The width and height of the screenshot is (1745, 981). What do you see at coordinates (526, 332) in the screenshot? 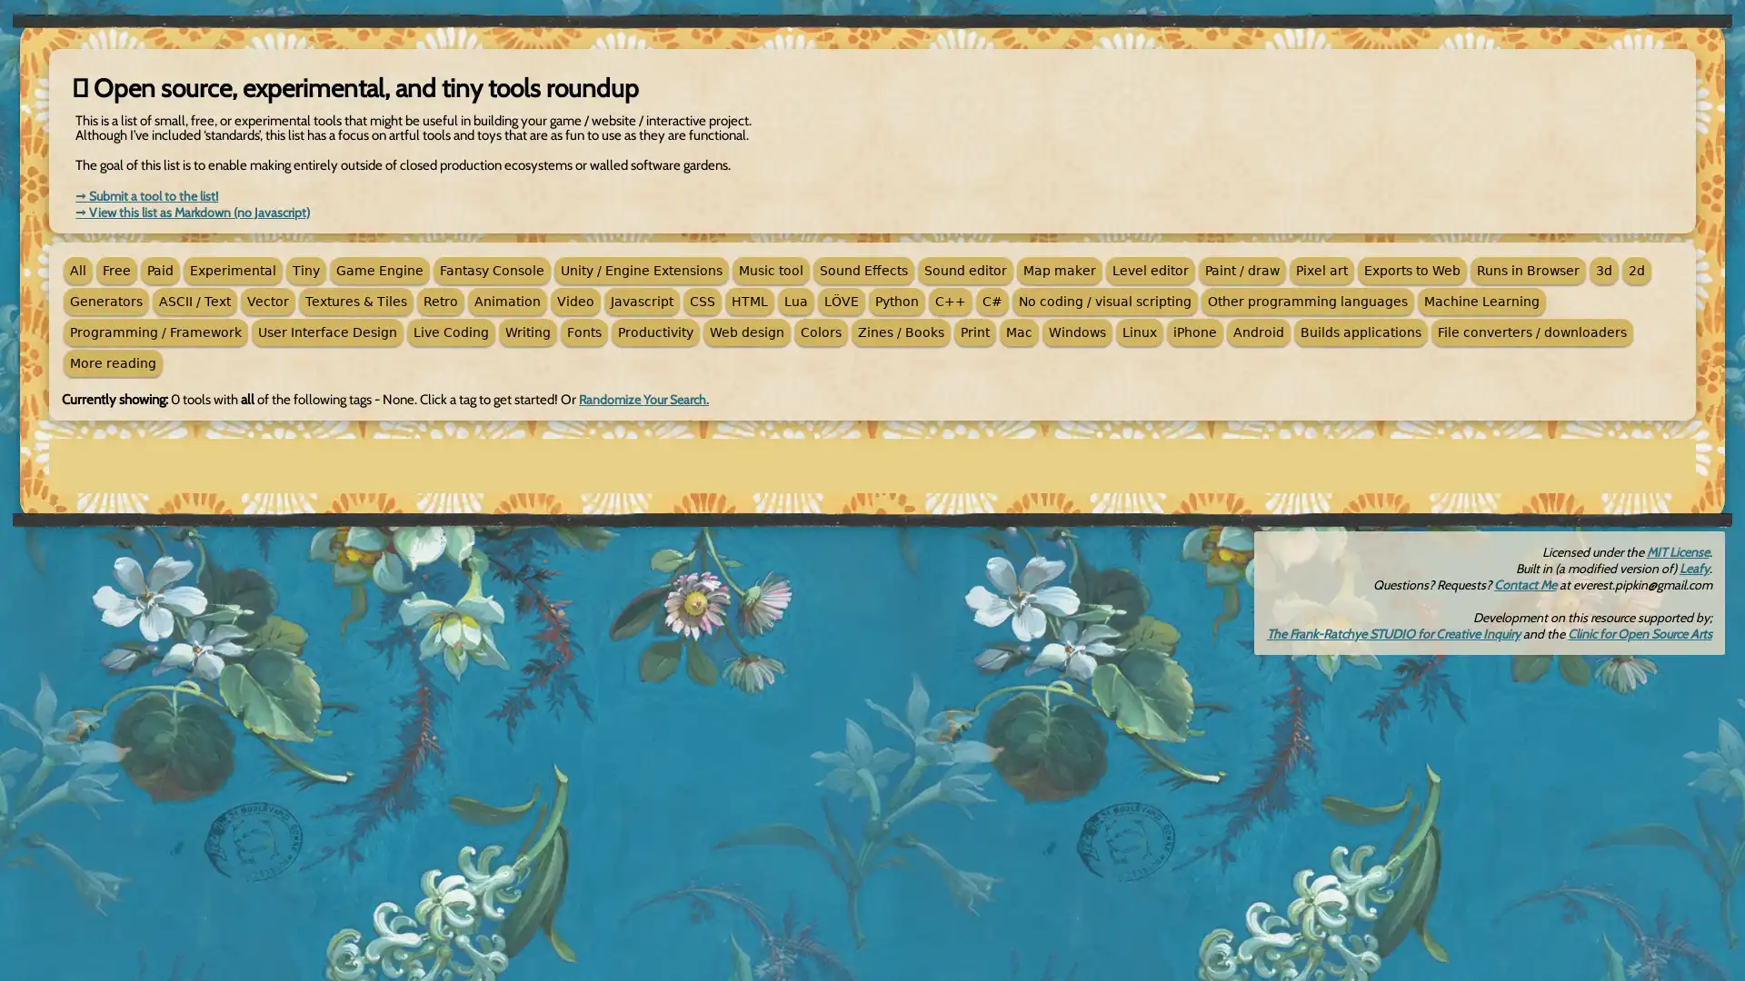
I see `Writing` at bounding box center [526, 332].